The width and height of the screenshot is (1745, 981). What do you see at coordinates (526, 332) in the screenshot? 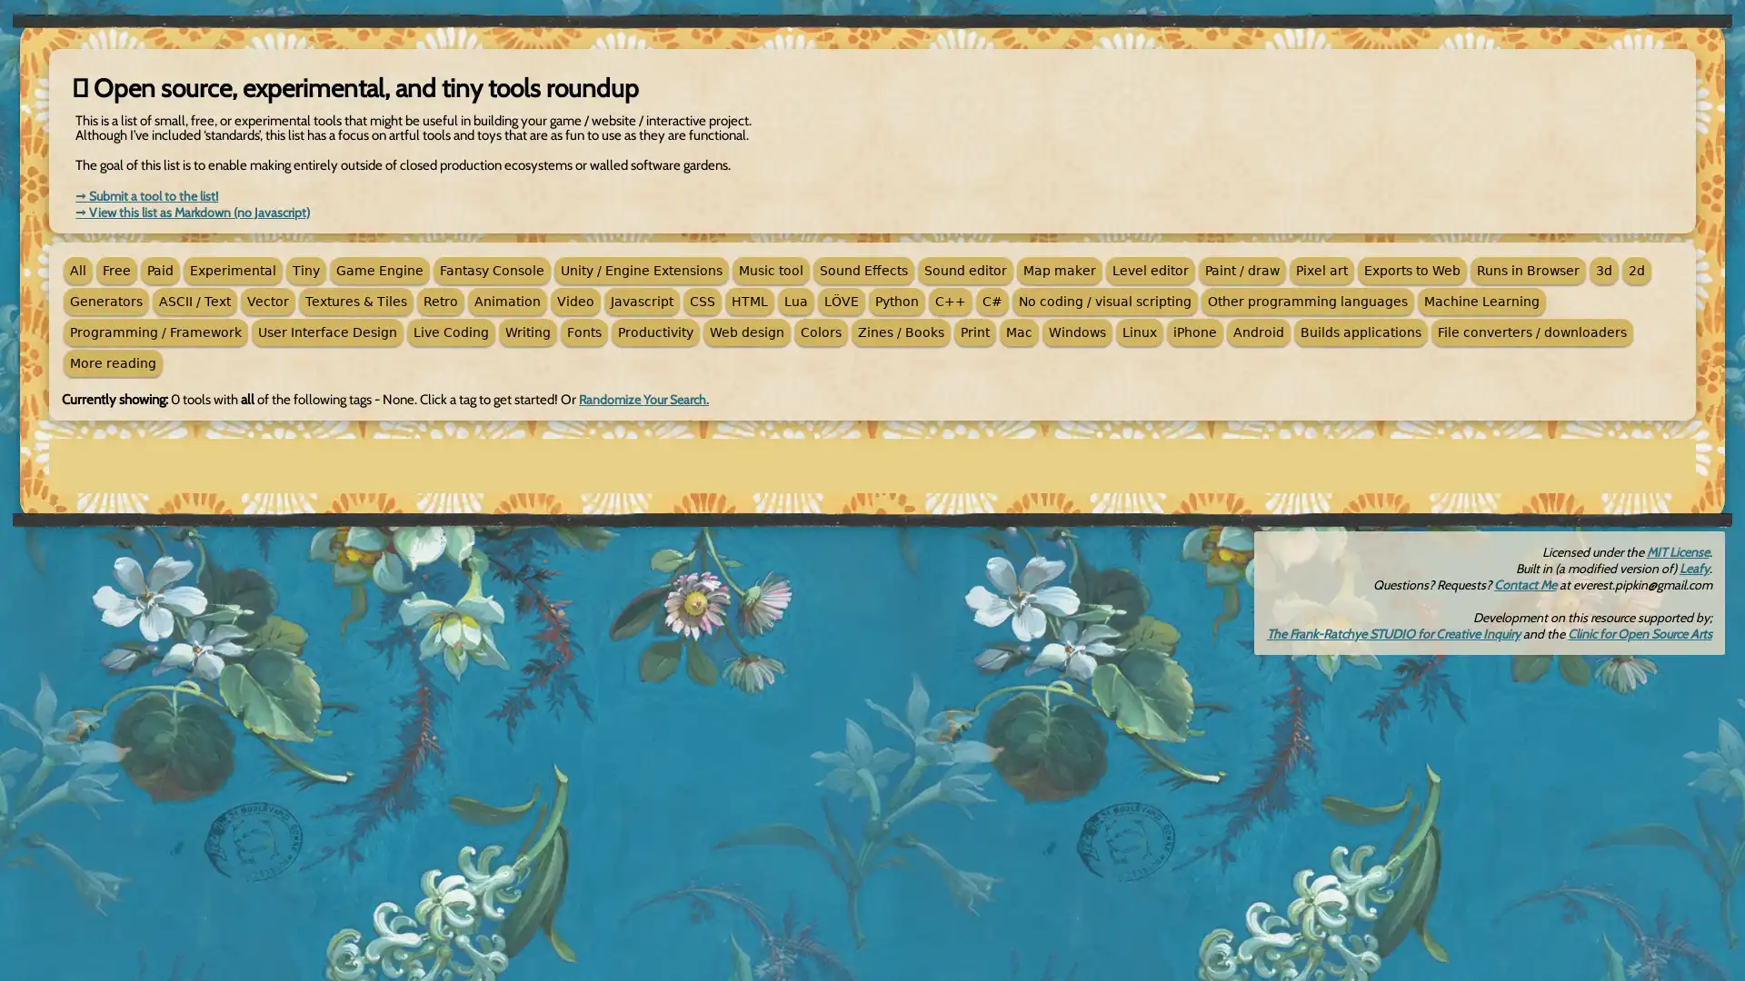
I see `Writing` at bounding box center [526, 332].